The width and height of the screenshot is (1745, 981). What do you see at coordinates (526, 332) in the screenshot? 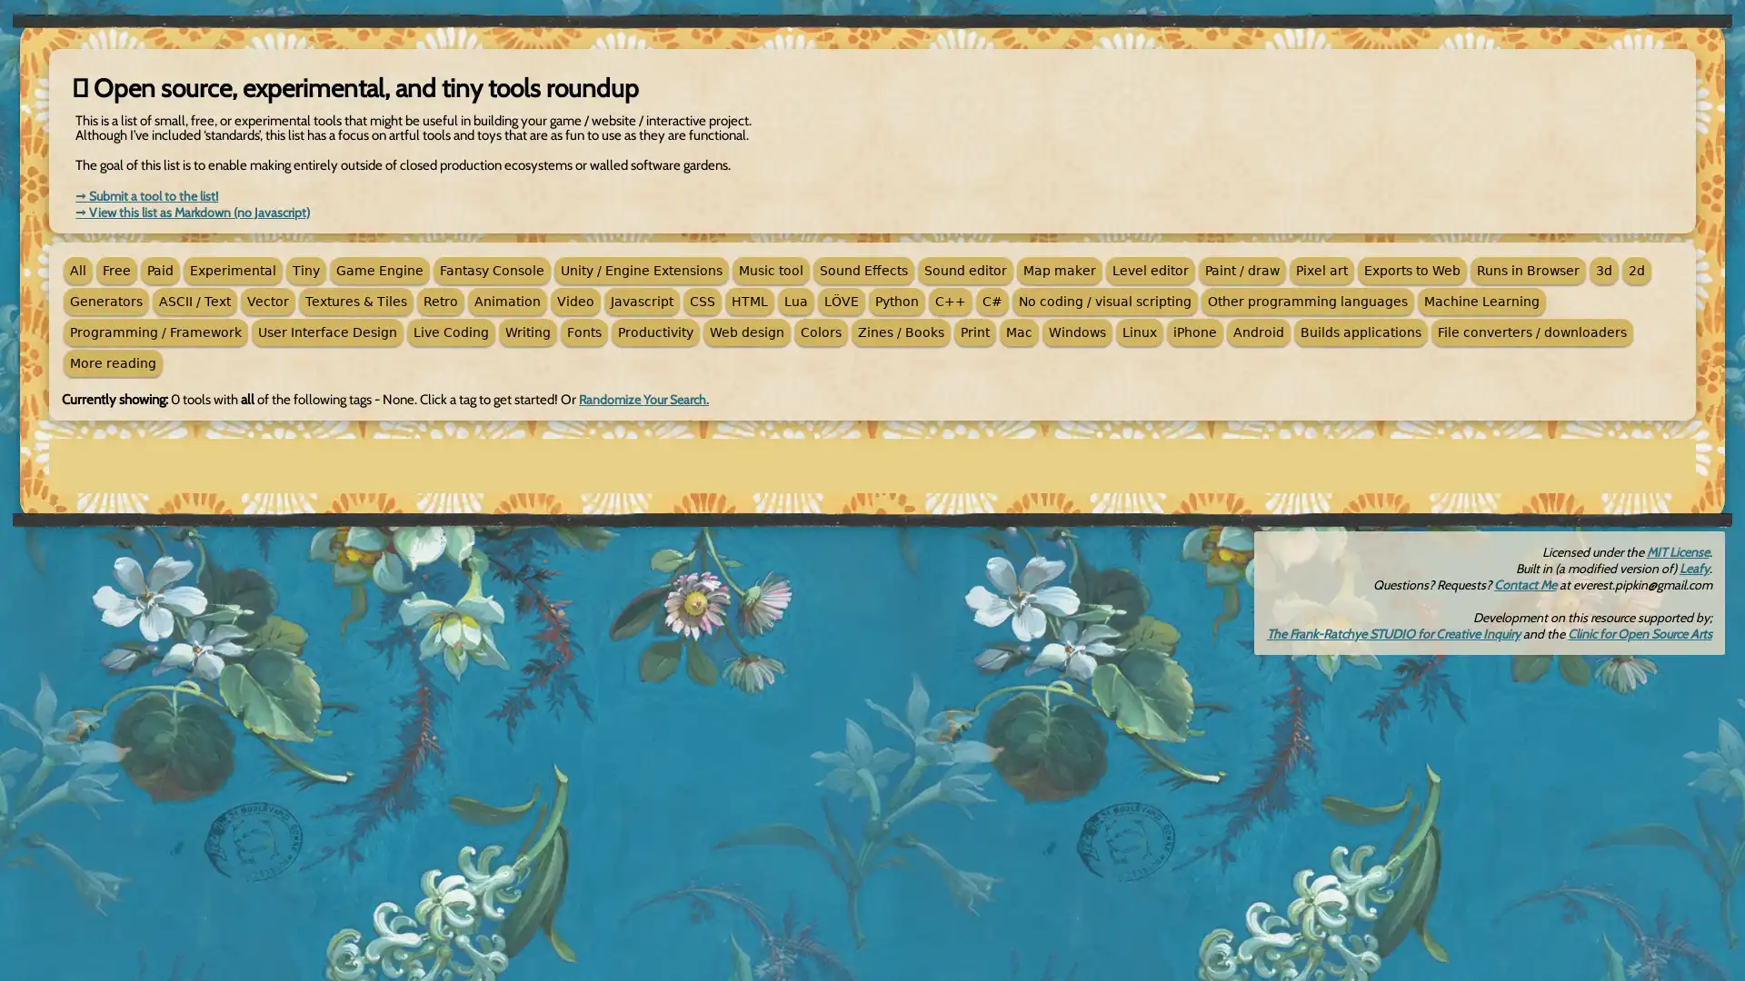
I see `Writing` at bounding box center [526, 332].